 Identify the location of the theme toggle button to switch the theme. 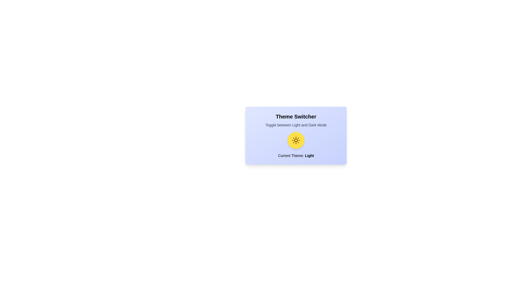
(296, 140).